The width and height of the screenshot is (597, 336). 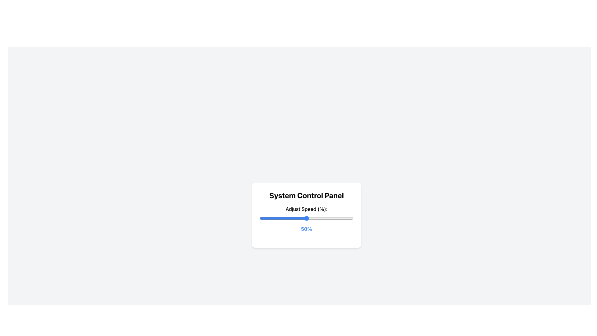 What do you see at coordinates (306, 219) in the screenshot?
I see `the Slider control labeled 'Adjust Speed (%)' which displays the current value as '50%' and is styled with a blue accent` at bounding box center [306, 219].